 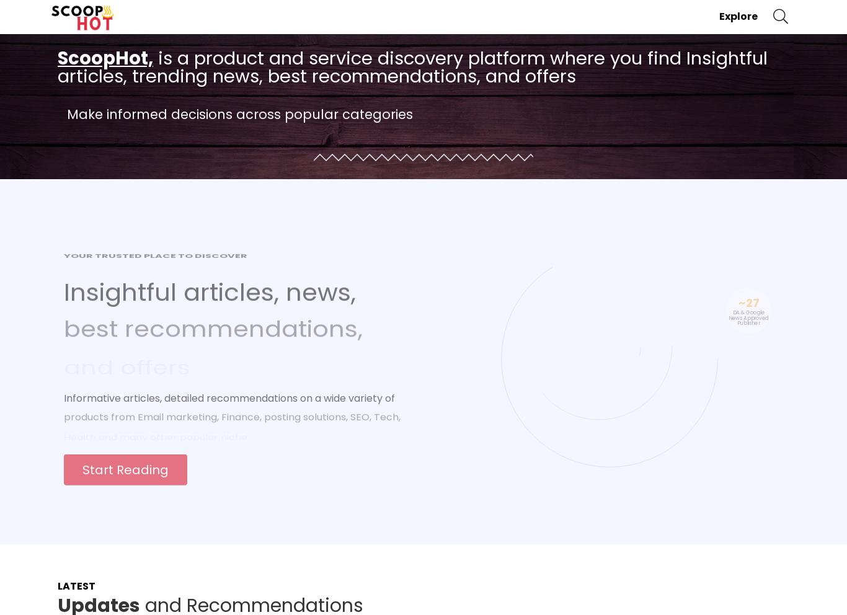 I want to click on 'is a product and service discovery platform where you find Insightful articles, trending news, best recommendations, and offers', so click(x=412, y=66).